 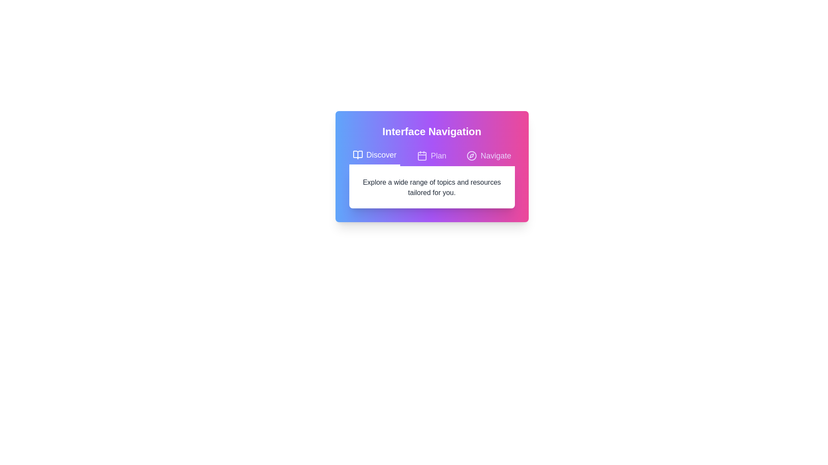 I want to click on the text block that describes 'Explore a wide range of topics and resources tailored for you.' located centrally under the headline 'Interface Navigation', so click(x=432, y=177).